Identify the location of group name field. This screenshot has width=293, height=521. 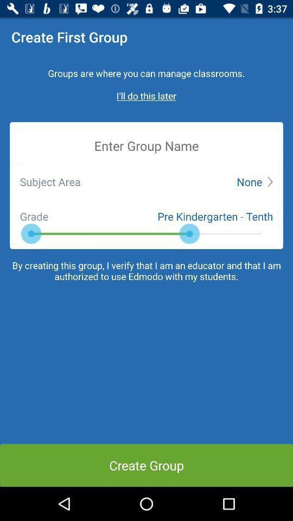
(146, 145).